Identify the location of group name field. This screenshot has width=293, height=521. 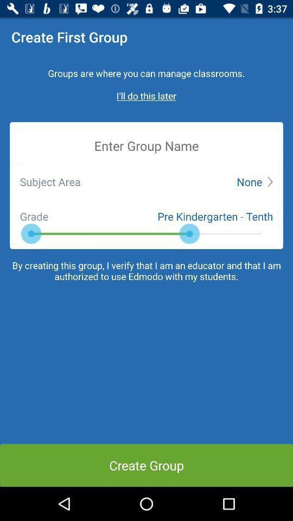
(146, 145).